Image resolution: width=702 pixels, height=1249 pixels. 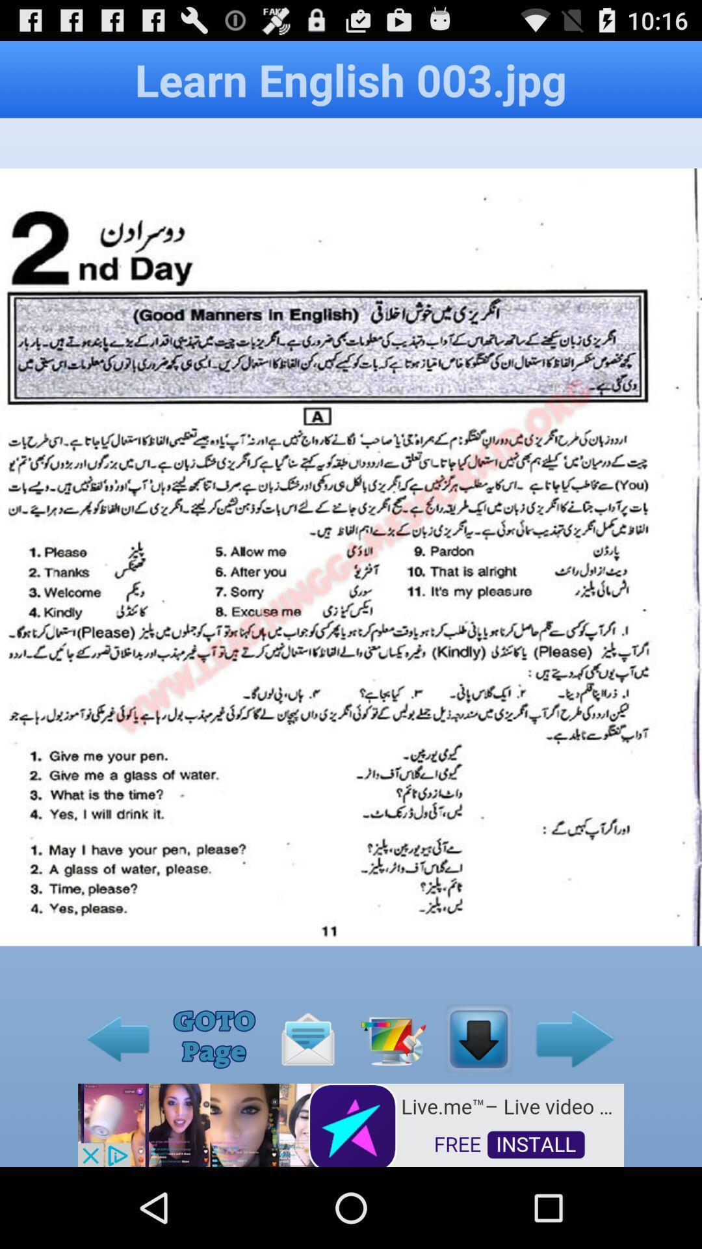 I want to click on the arrow_backward icon, so click(x=129, y=1110).